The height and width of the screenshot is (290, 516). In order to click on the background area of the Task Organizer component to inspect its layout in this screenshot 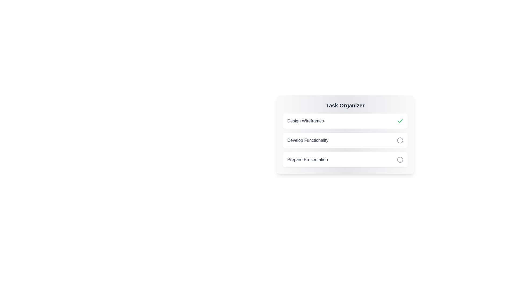, I will do `click(345, 178)`.